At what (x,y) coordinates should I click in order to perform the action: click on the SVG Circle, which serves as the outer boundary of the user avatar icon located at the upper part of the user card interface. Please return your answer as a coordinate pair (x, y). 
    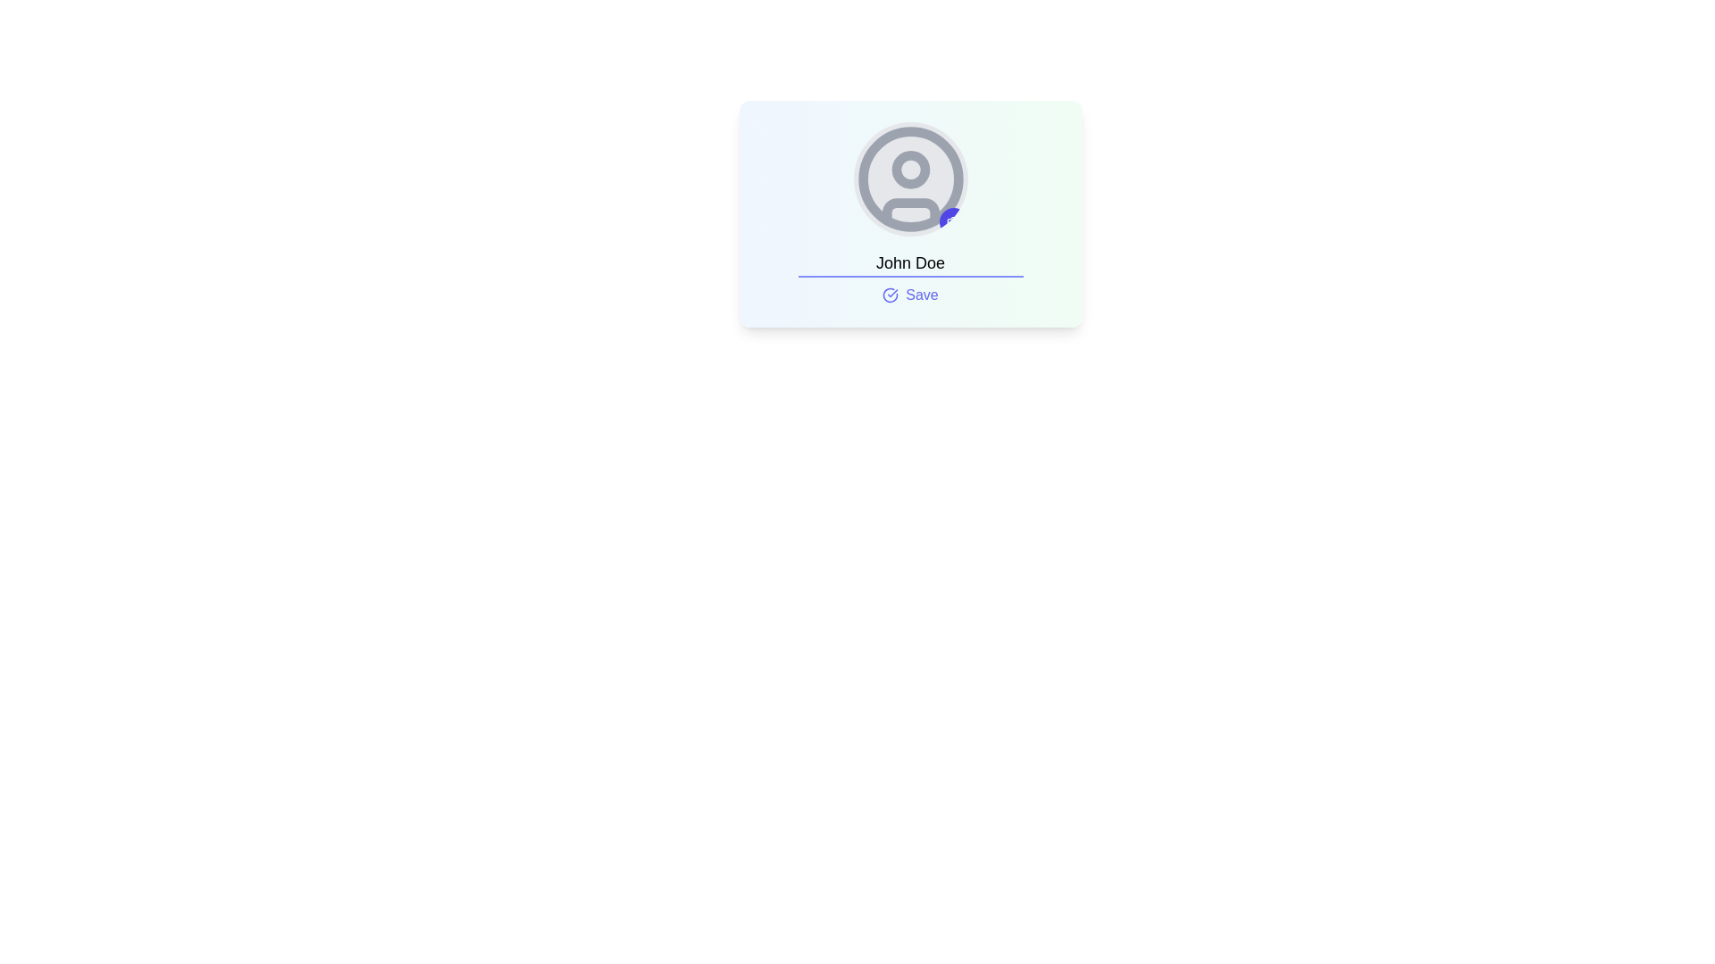
    Looking at the image, I should click on (910, 179).